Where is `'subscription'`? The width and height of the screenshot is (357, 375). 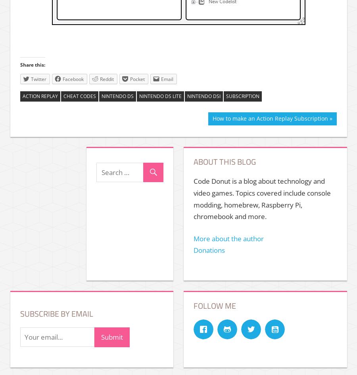 'subscription' is located at coordinates (243, 96).